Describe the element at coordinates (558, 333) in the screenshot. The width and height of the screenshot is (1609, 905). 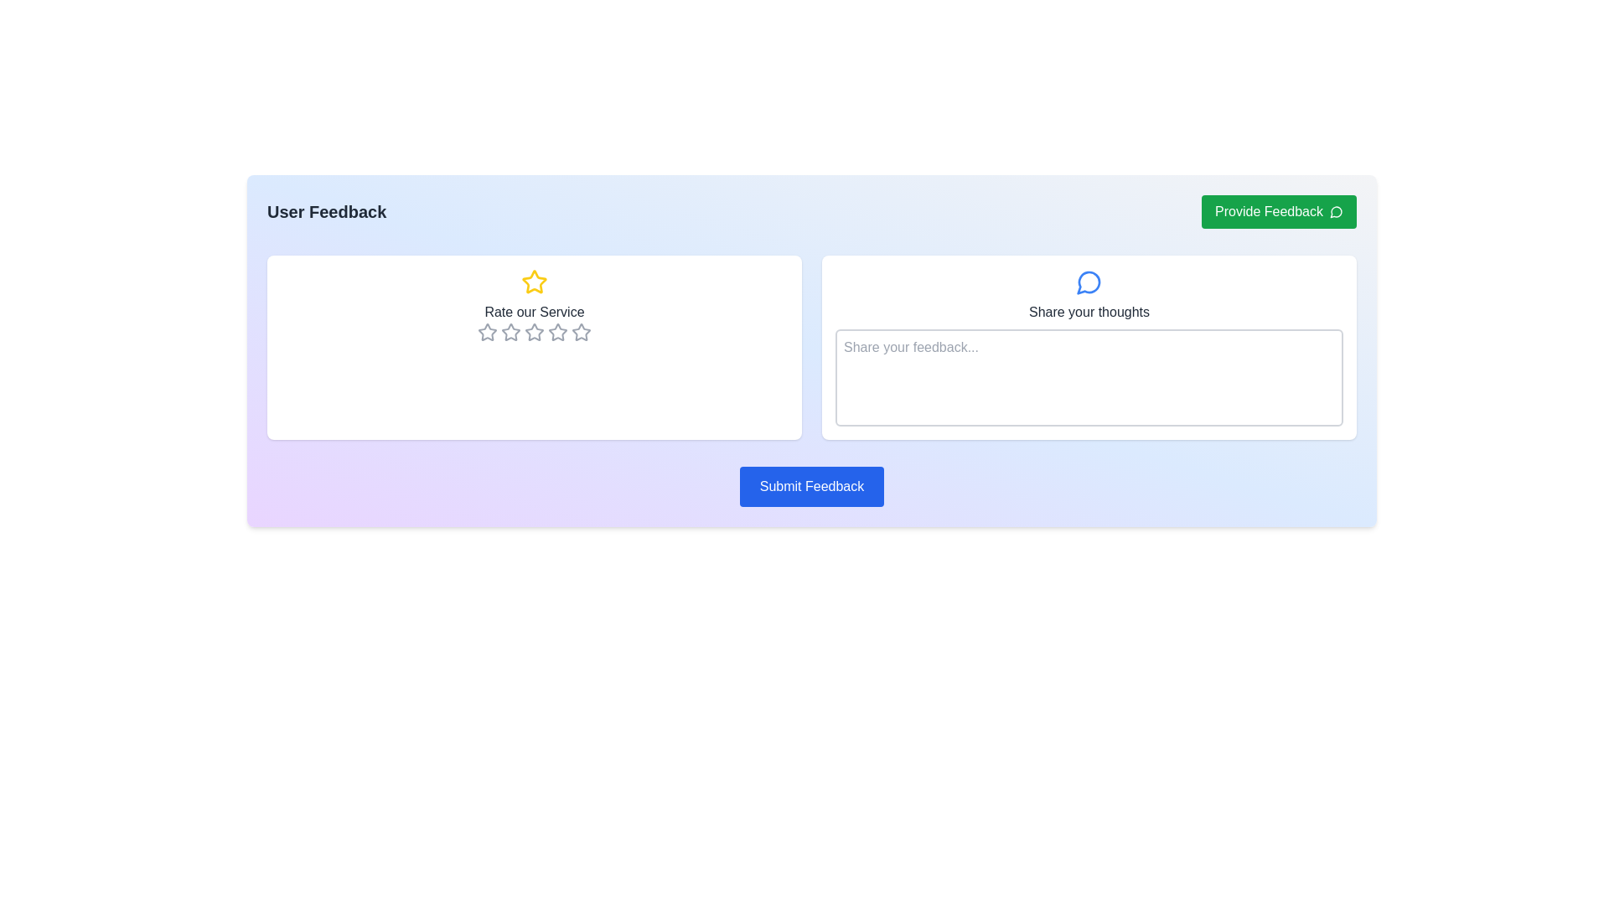
I see `the fourth star-shaped icon button in the feedback section` at that location.